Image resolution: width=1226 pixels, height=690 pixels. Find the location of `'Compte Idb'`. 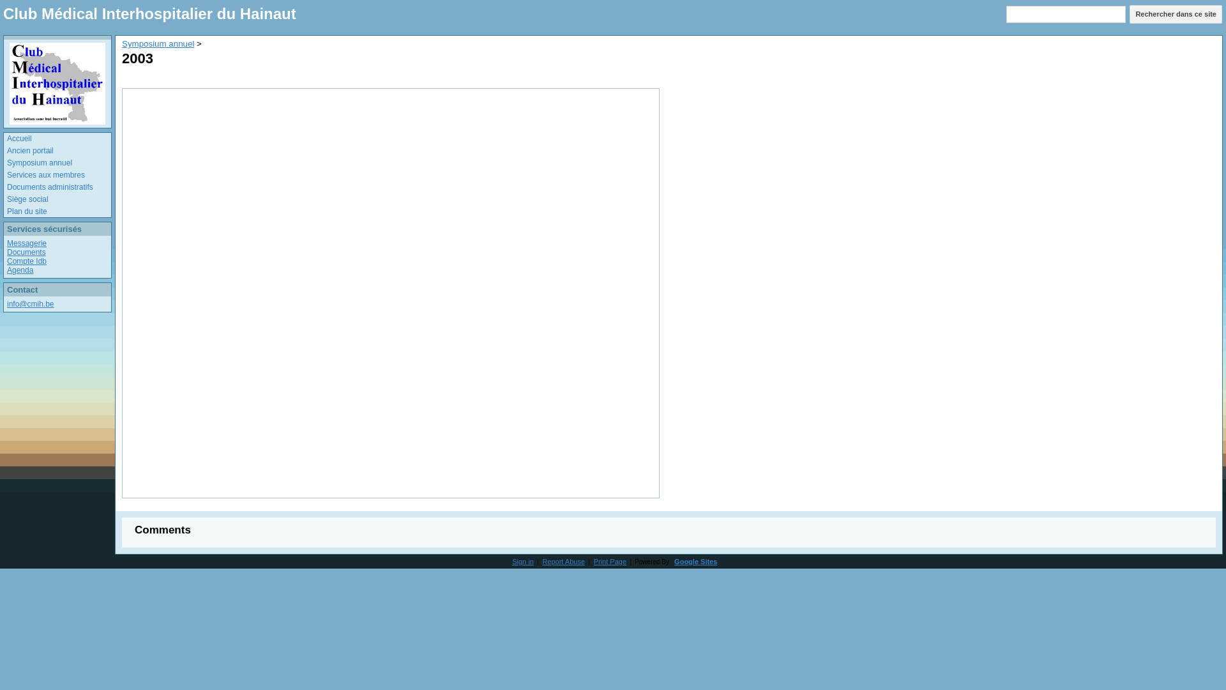

'Compte Idb' is located at coordinates (27, 260).